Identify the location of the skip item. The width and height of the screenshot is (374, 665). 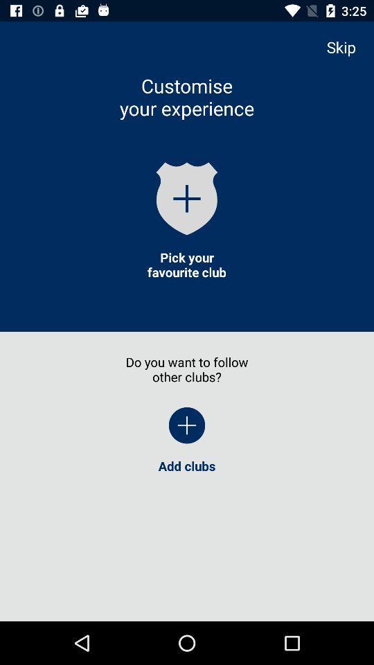
(347, 47).